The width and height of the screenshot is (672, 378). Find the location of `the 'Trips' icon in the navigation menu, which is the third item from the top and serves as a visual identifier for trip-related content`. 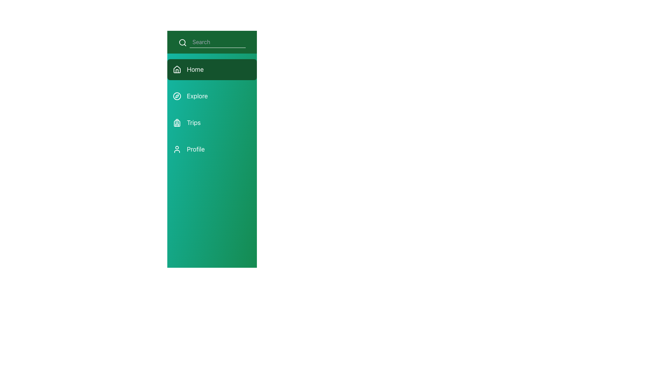

the 'Trips' icon in the navigation menu, which is the third item from the top and serves as a visual identifier for trip-related content is located at coordinates (177, 122).